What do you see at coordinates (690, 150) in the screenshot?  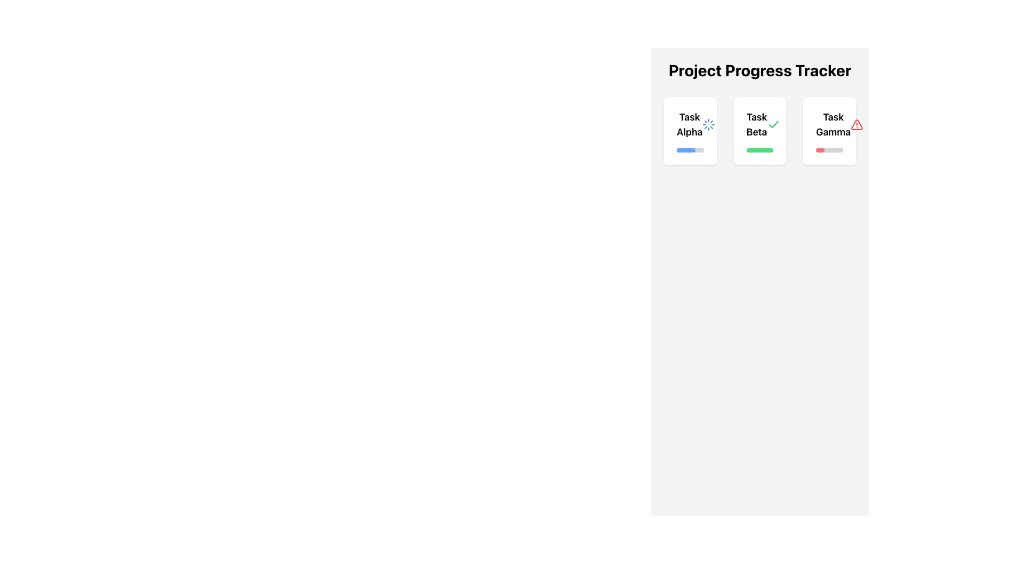 I see `the progress represented by the Progress Bar located at the bottom of the 'Task Alpha' card in the top-left corner of the layout` at bounding box center [690, 150].